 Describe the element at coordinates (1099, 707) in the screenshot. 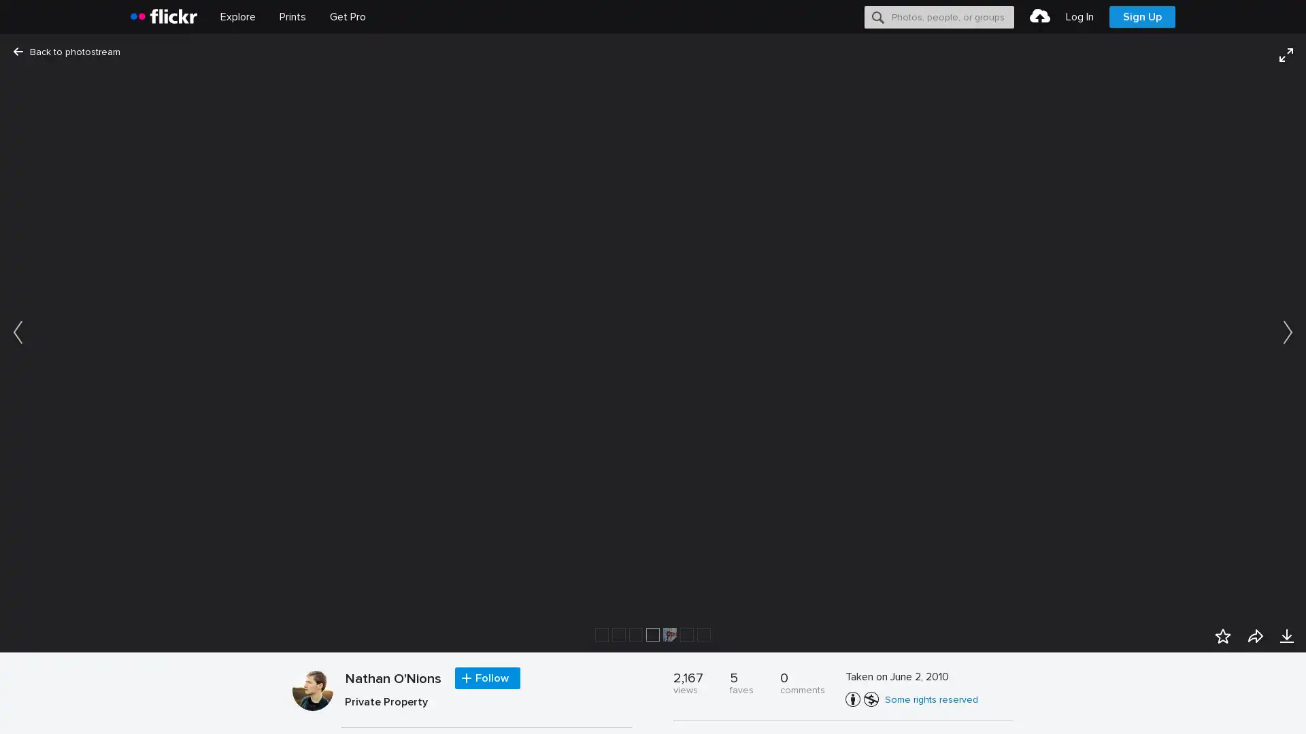

I see `Opt-out` at that location.